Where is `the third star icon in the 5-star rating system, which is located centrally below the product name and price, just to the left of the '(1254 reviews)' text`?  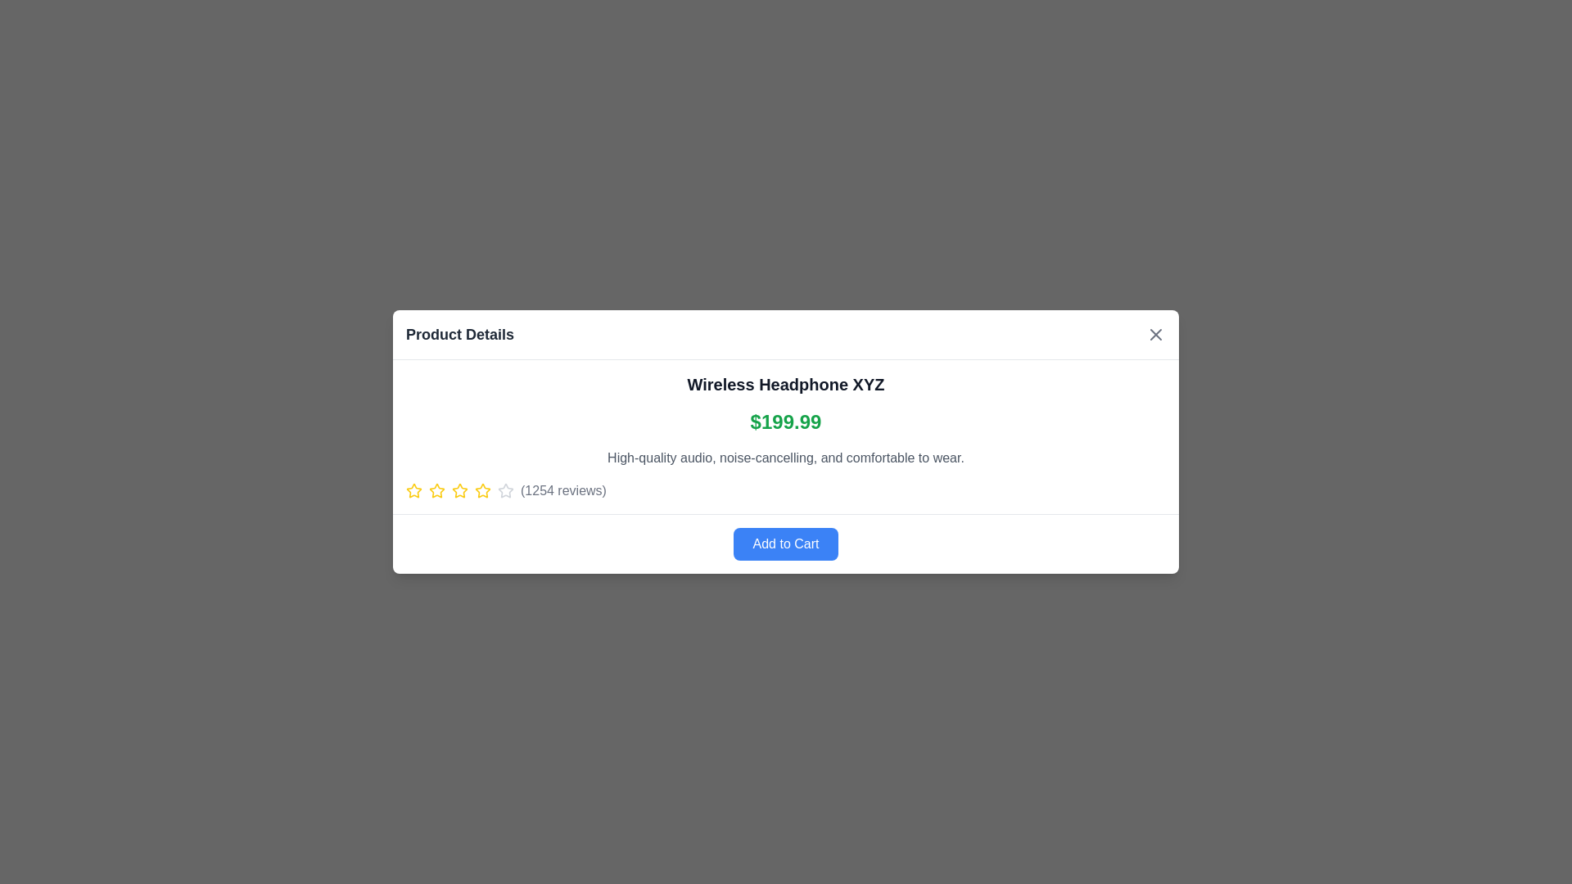 the third star icon in the 5-star rating system, which is located centrally below the product name and price, just to the left of the '(1254 reviews)' text is located at coordinates (505, 489).